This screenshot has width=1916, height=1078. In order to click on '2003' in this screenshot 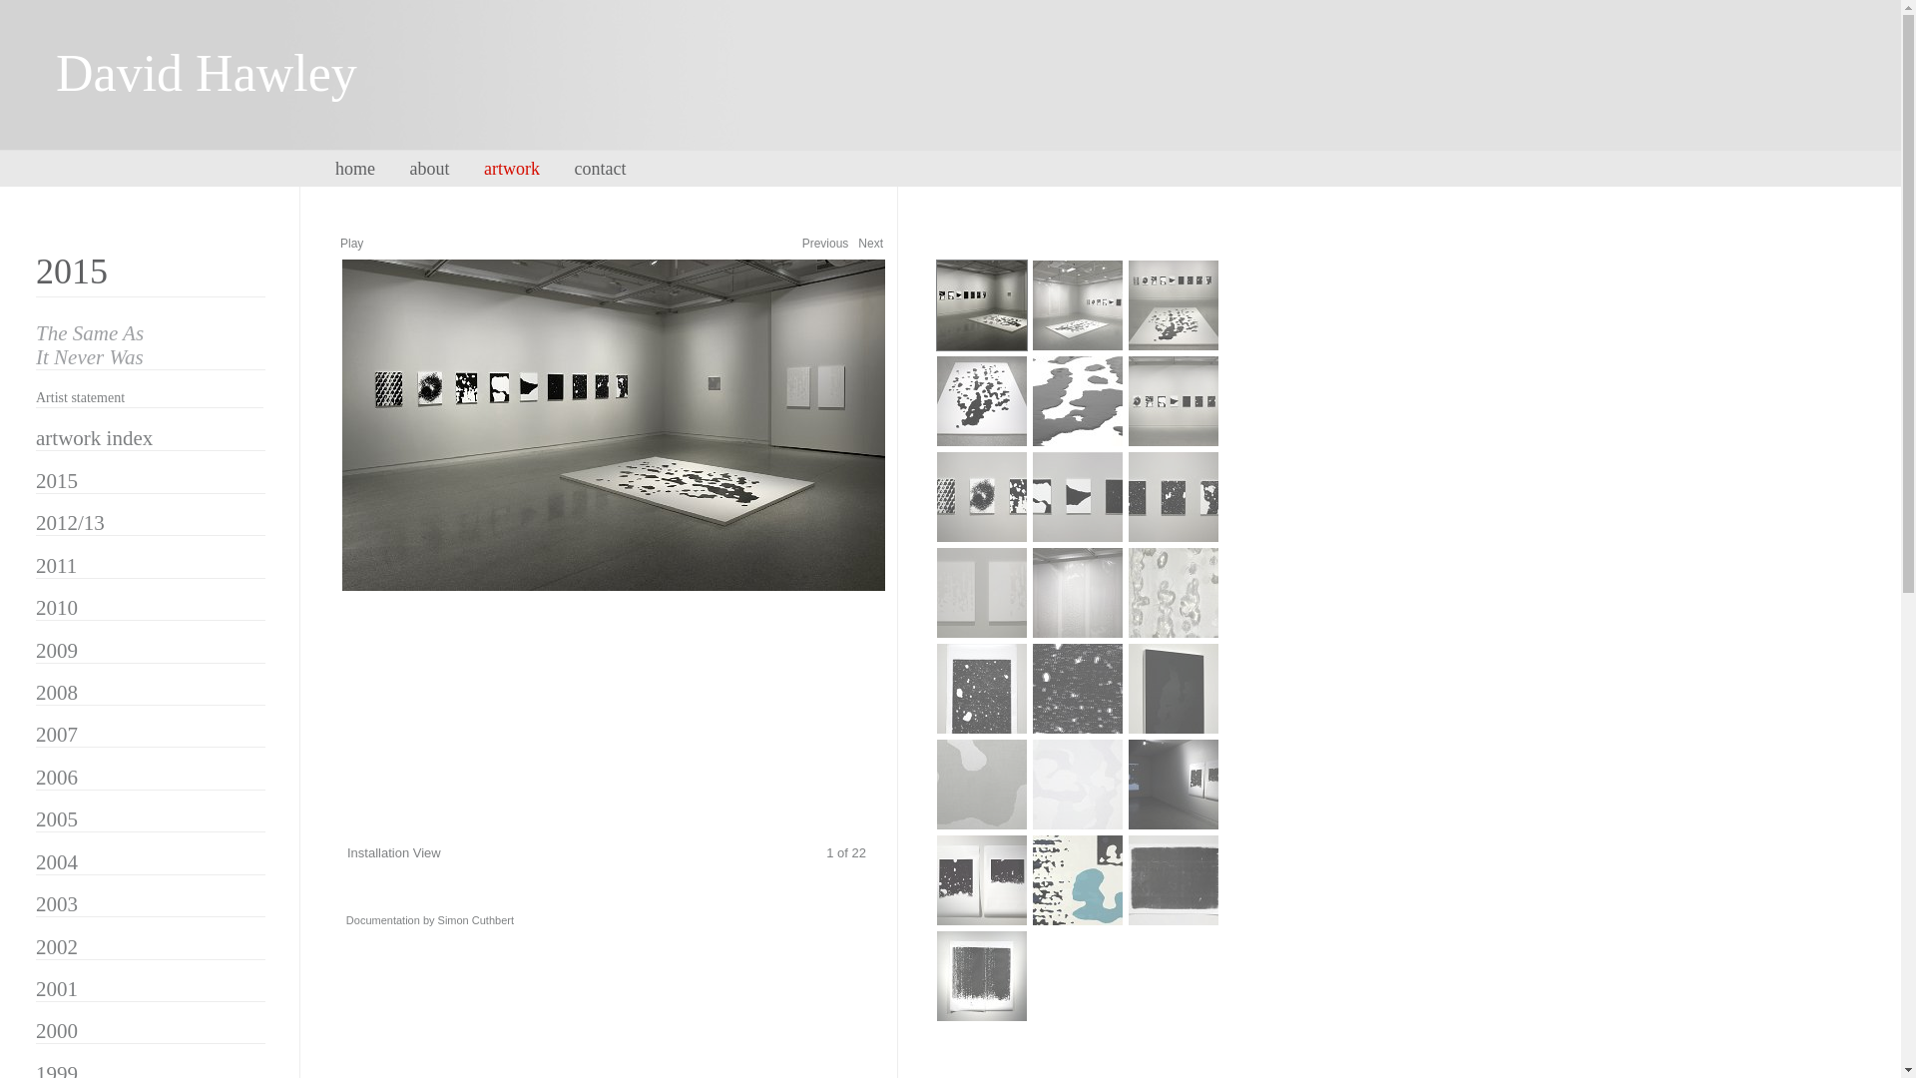, I will do `click(57, 904)`.